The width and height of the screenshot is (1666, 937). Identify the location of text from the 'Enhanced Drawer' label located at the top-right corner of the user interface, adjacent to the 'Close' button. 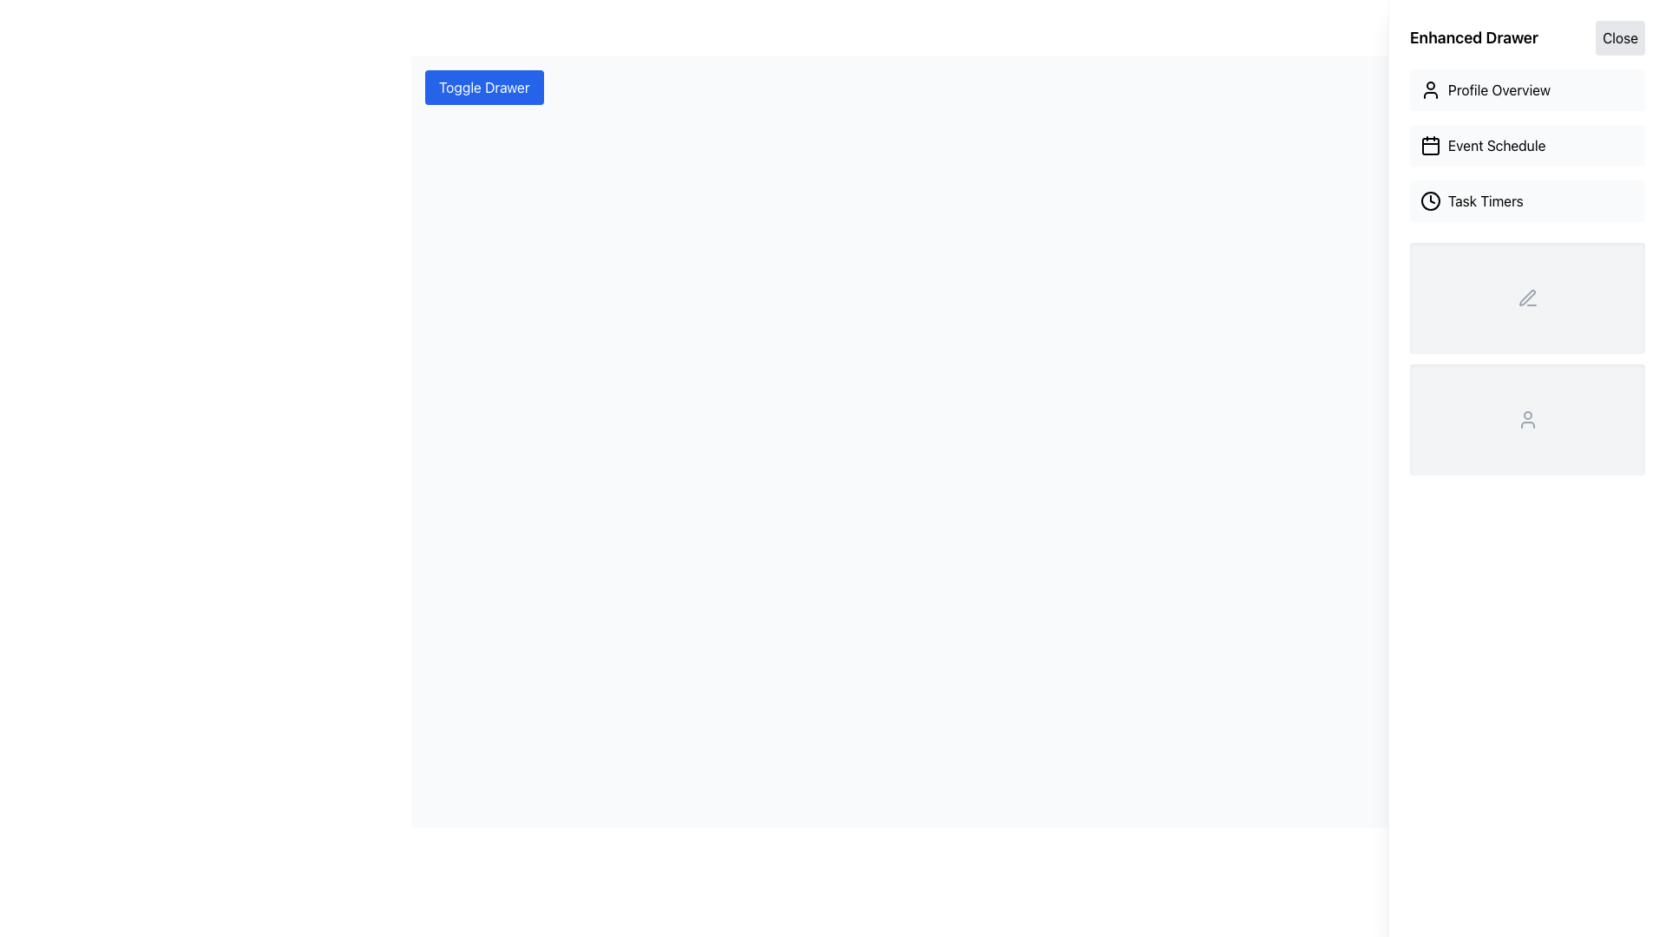
(1473, 37).